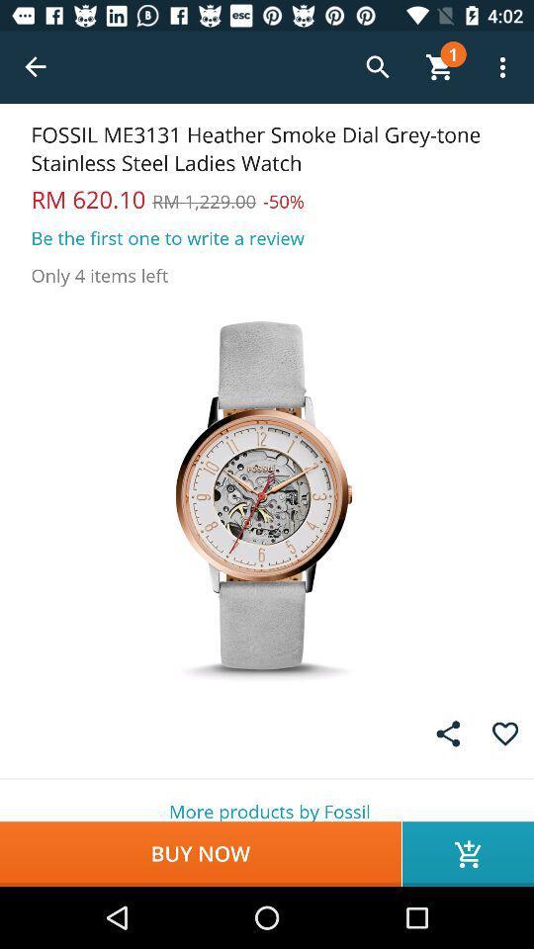  What do you see at coordinates (267, 494) in the screenshot?
I see `display of watch searched` at bounding box center [267, 494].